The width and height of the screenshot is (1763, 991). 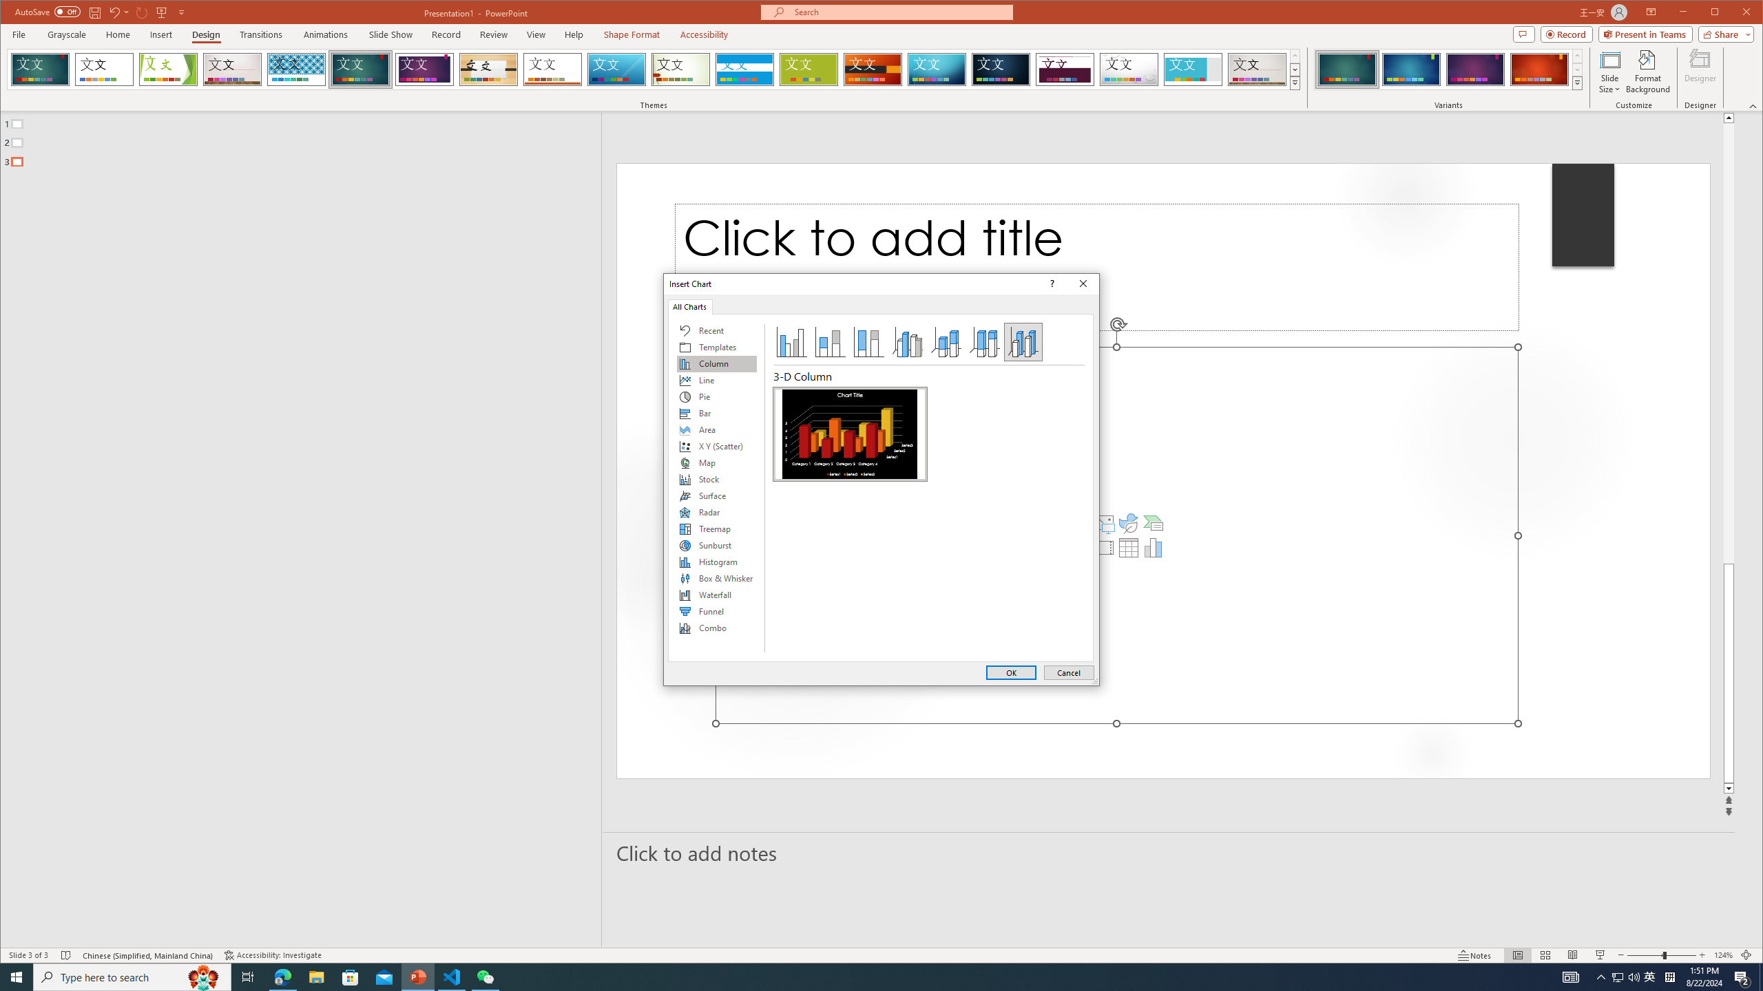 What do you see at coordinates (716, 577) in the screenshot?
I see `'Box & Whisker'` at bounding box center [716, 577].